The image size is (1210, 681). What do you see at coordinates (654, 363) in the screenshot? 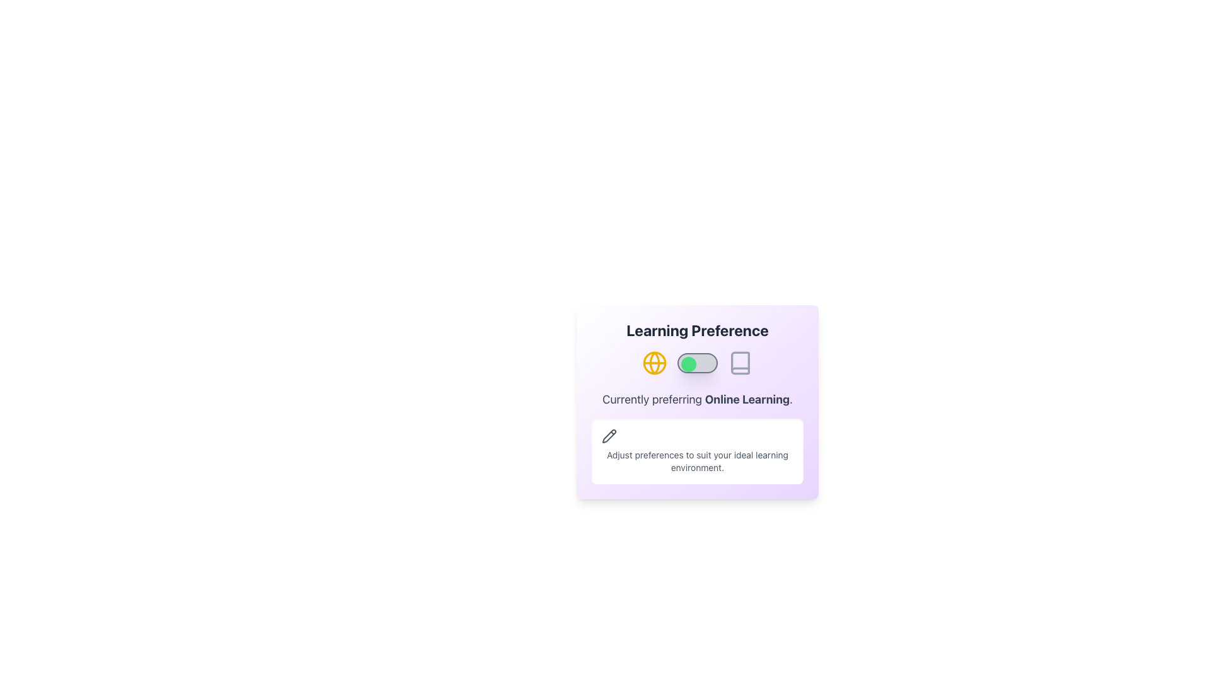
I see `the first icon in the 'Learning Preference' section, which represents the 'Online Learning' mode in the application` at bounding box center [654, 363].